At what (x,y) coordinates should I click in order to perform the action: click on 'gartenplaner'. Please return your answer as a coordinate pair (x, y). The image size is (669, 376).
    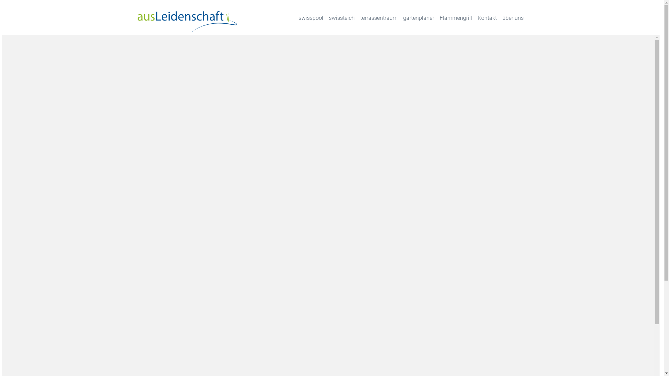
    Looking at the image, I should click on (418, 17).